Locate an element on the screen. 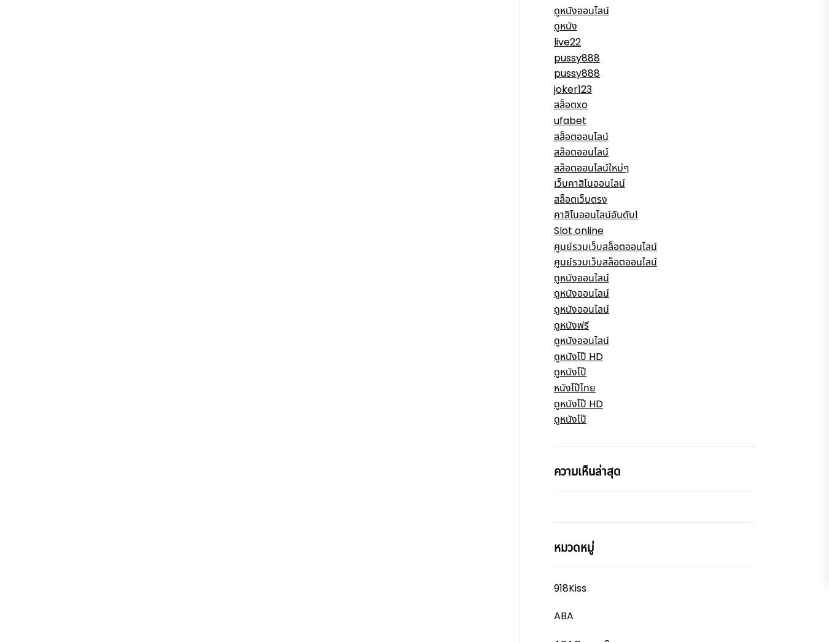 This screenshot has width=829, height=642. 'Slot online' is located at coordinates (578, 230).